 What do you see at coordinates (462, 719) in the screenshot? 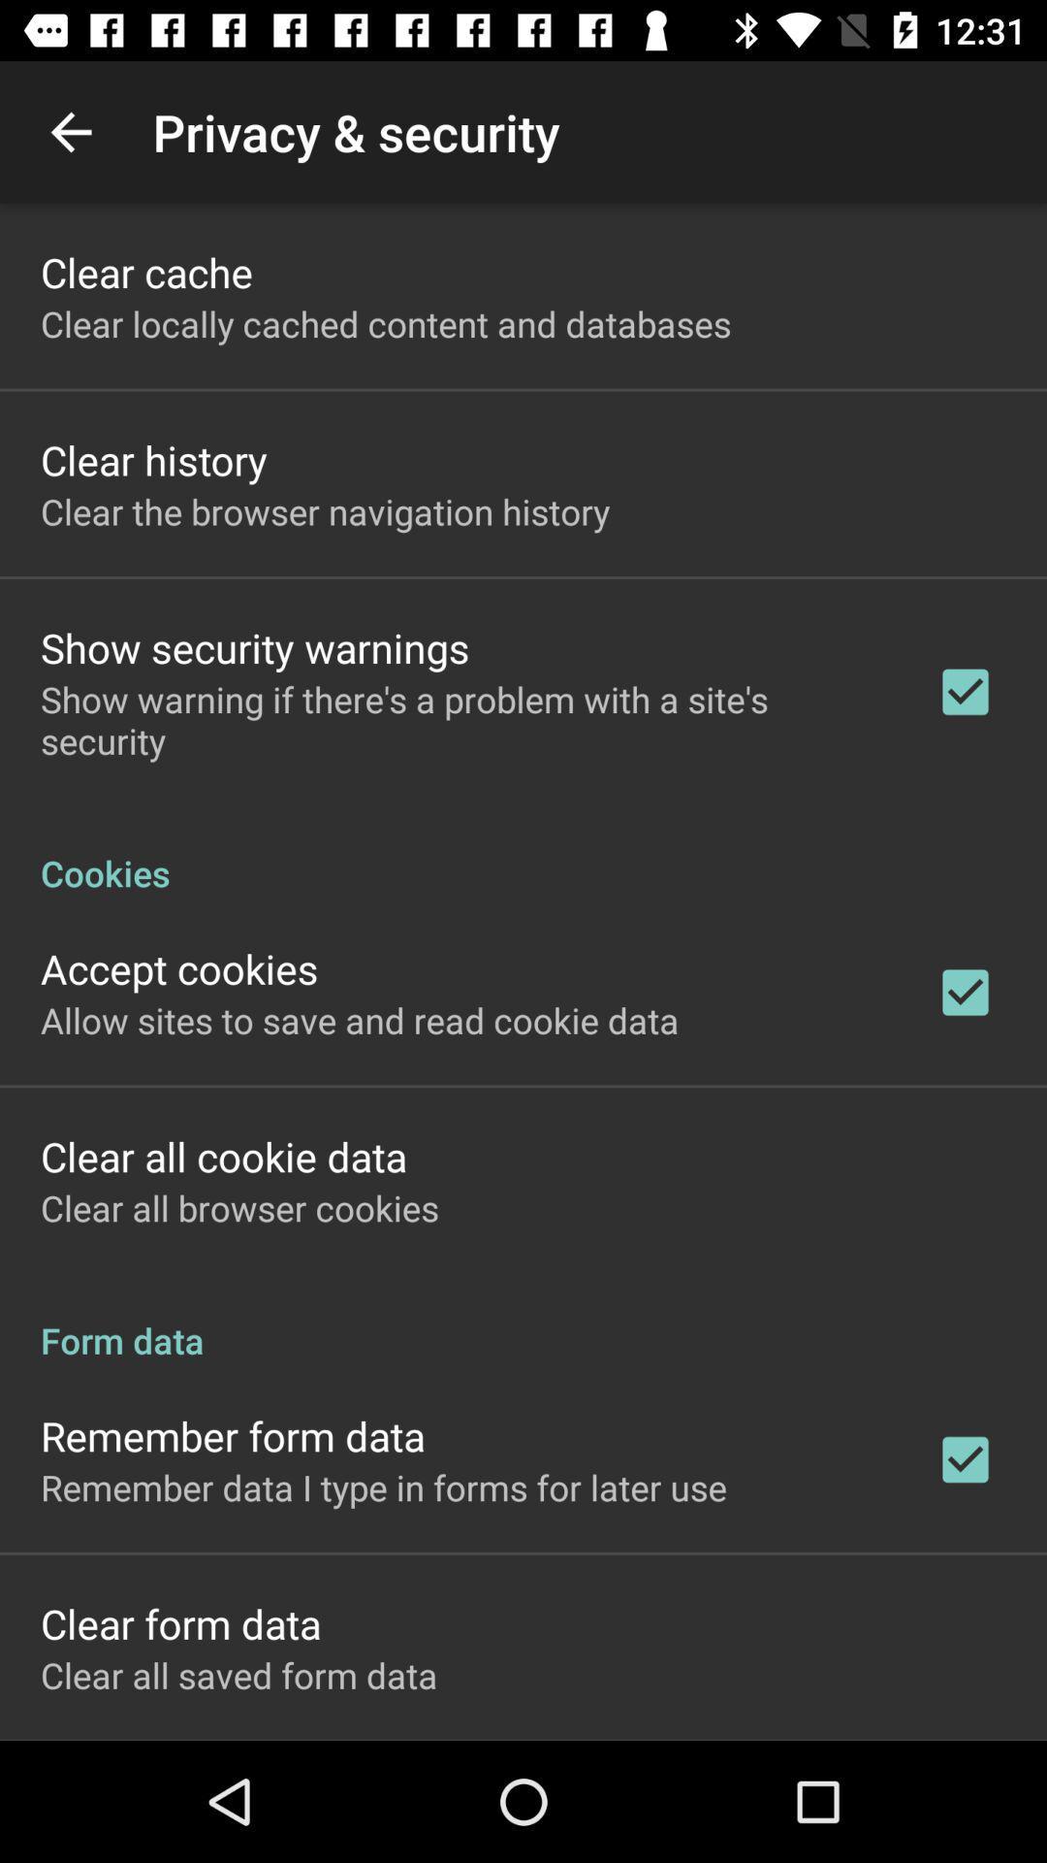
I see `the show warning if app` at bounding box center [462, 719].